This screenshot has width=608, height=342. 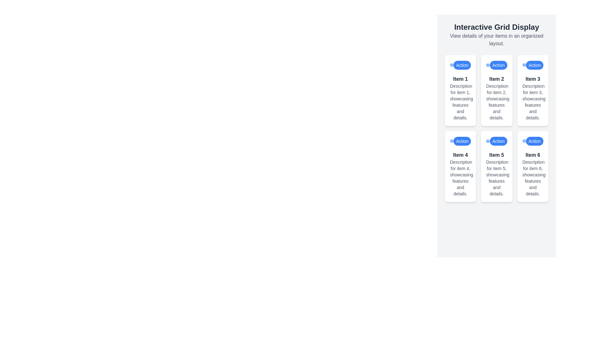 I want to click on the text label identifying 'Item 3', located at the top of the third column in a grid layout, above its description text, so click(x=532, y=79).